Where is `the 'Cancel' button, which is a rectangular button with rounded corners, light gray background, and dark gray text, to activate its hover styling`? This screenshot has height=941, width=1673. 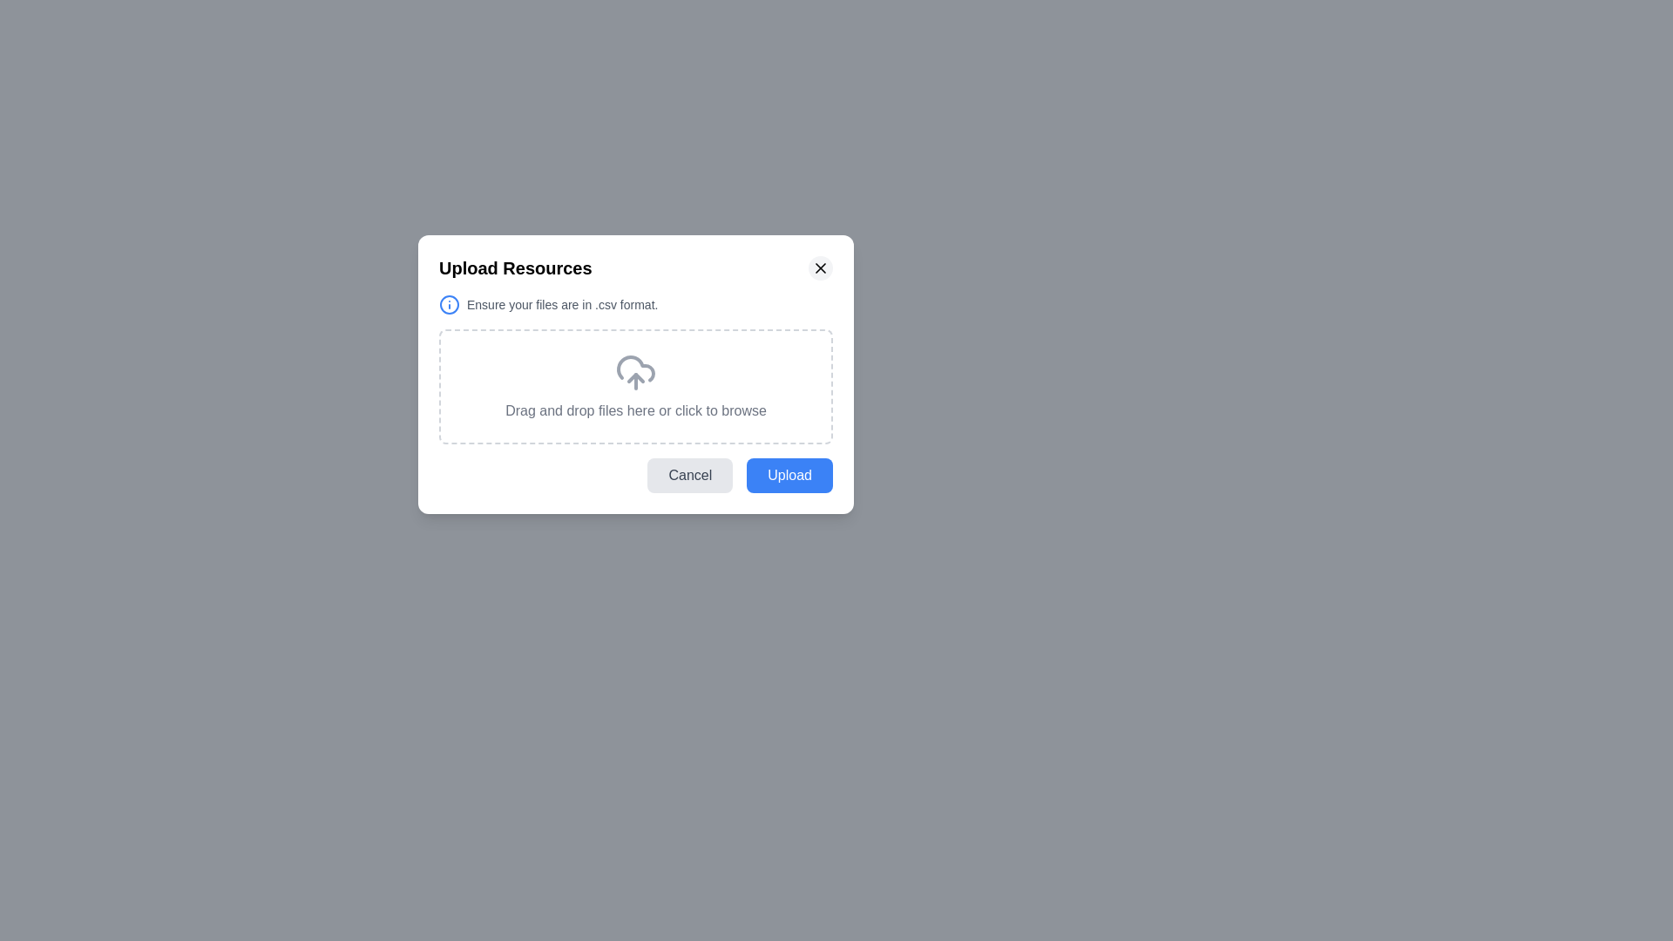
the 'Cancel' button, which is a rectangular button with rounded corners, light gray background, and dark gray text, to activate its hover styling is located at coordinates (689, 476).